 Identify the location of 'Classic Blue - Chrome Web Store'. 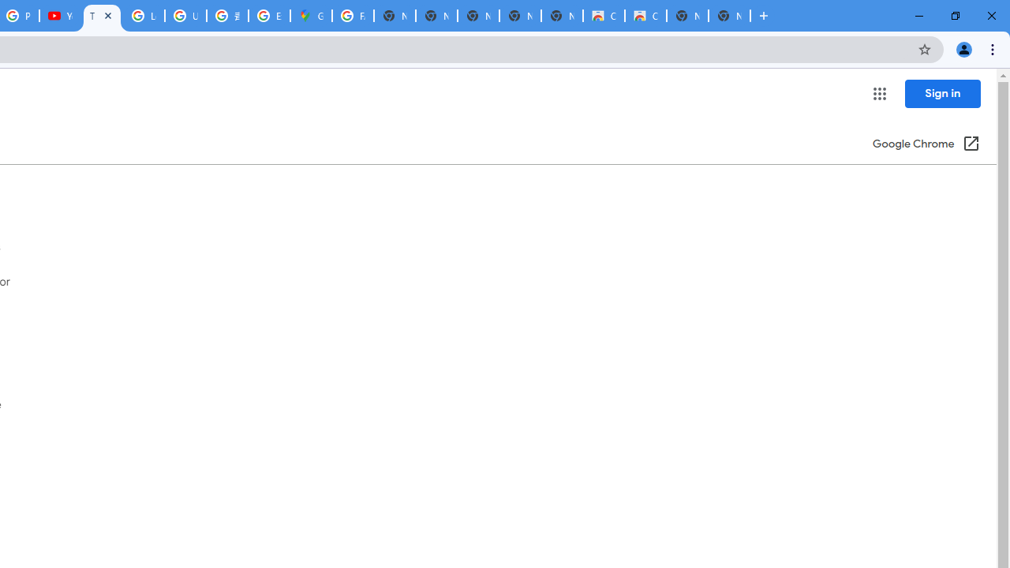
(603, 16).